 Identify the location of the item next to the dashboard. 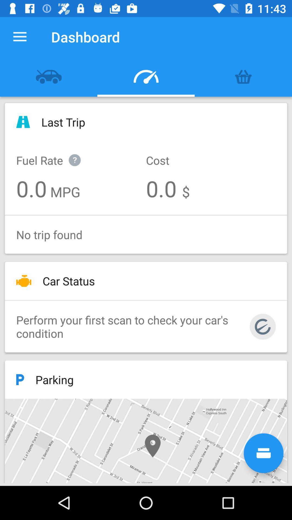
(19, 37).